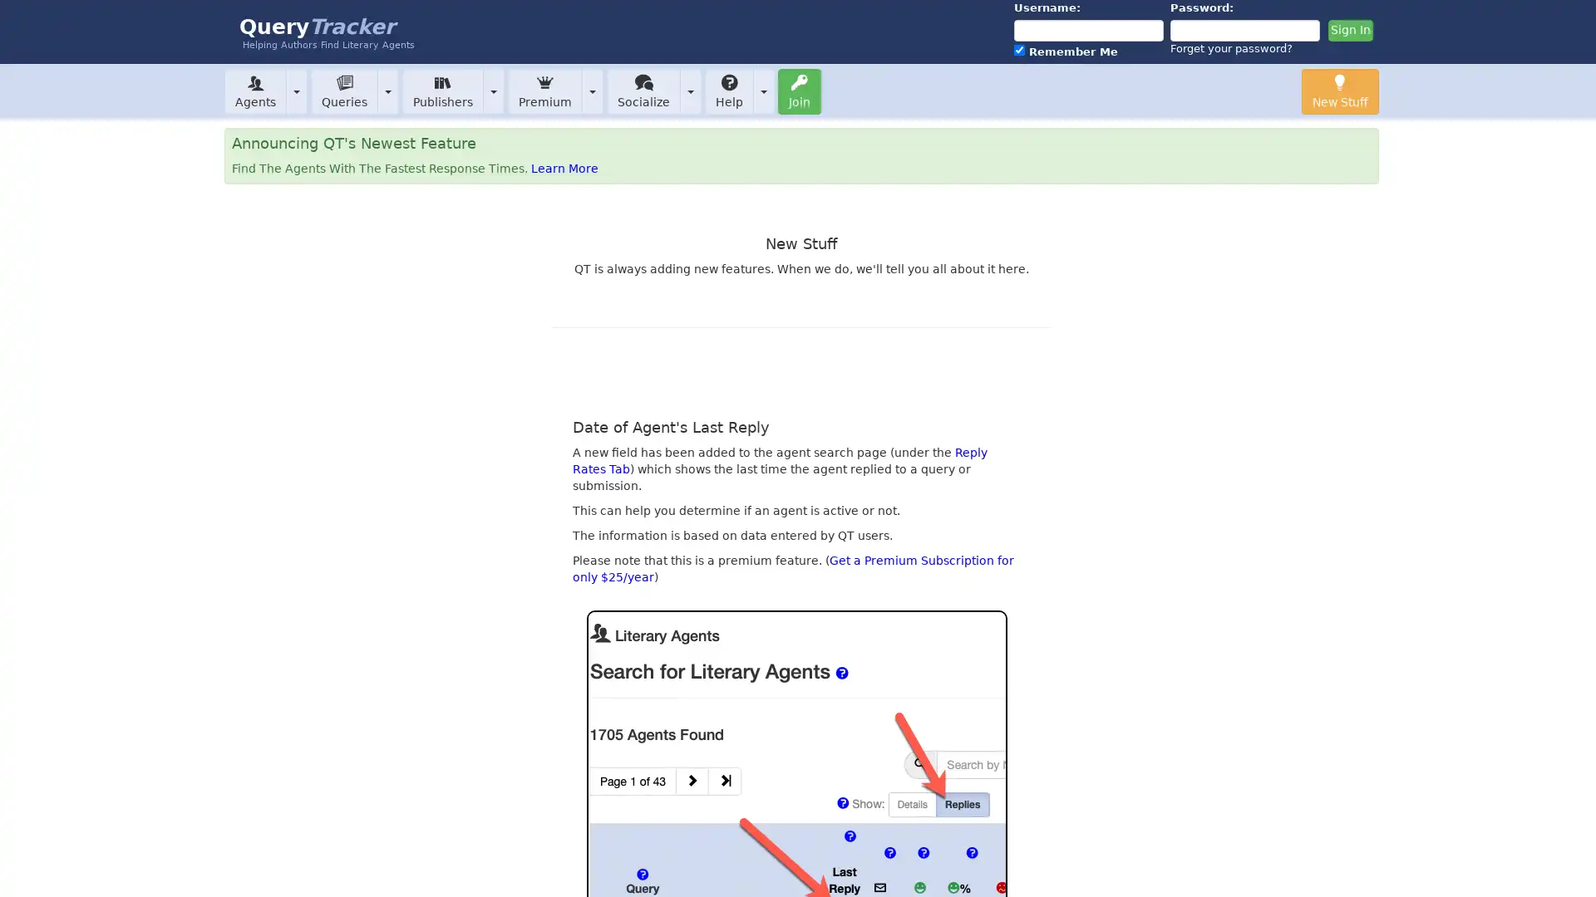 The image size is (1596, 897). What do you see at coordinates (690, 91) in the screenshot?
I see `Toggle Dropdown` at bounding box center [690, 91].